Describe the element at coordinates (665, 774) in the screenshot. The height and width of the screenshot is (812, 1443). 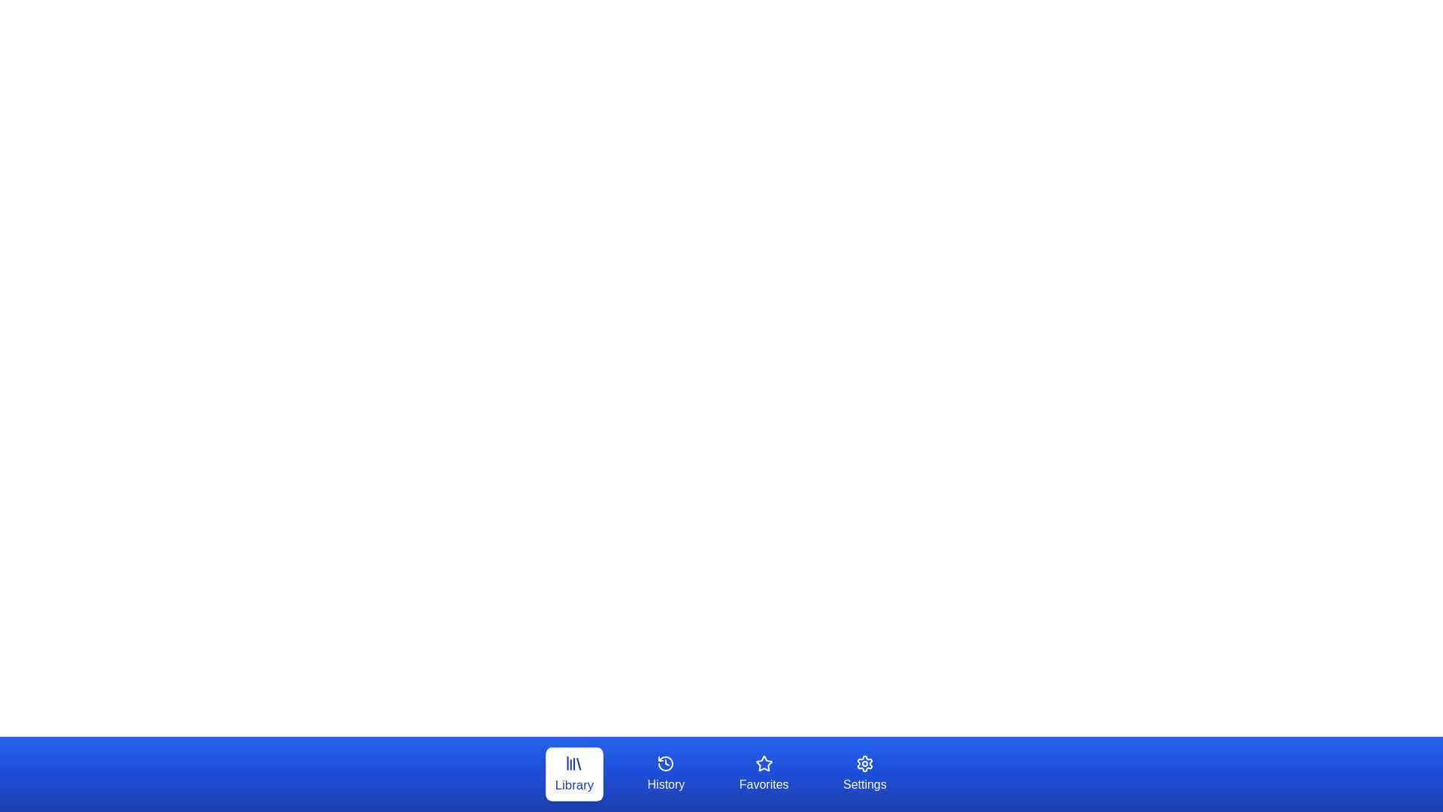
I see `the button labeled History` at that location.